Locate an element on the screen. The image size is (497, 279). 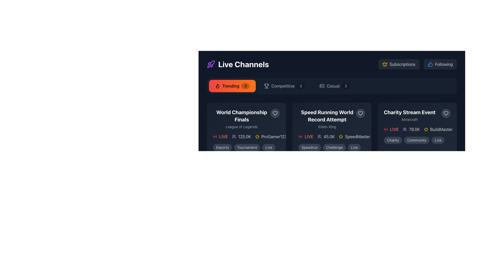
text of the pill-shaped label that says 'Challenge', which is styled with a dark gray background and located in the lower part of a card element associated with 'Speed Running World Record Attempt' is located at coordinates (334, 147).